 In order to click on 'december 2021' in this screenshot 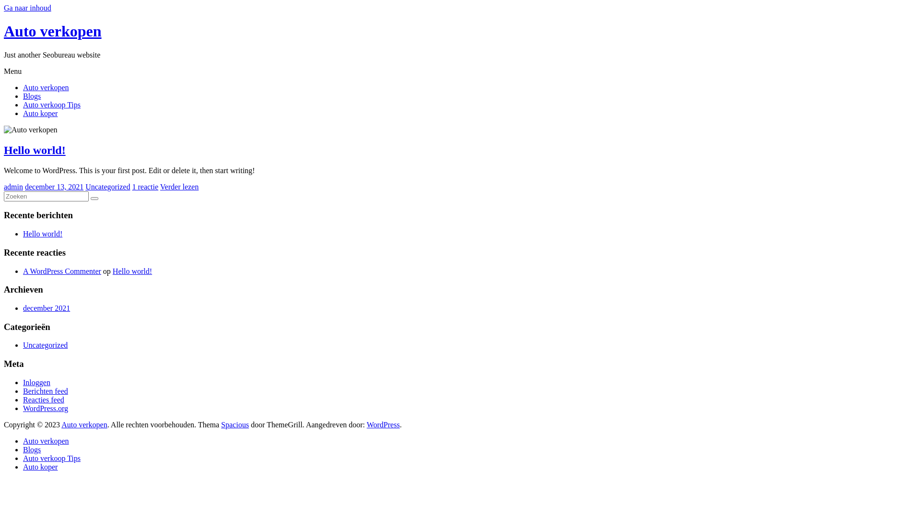, I will do `click(46, 308)`.